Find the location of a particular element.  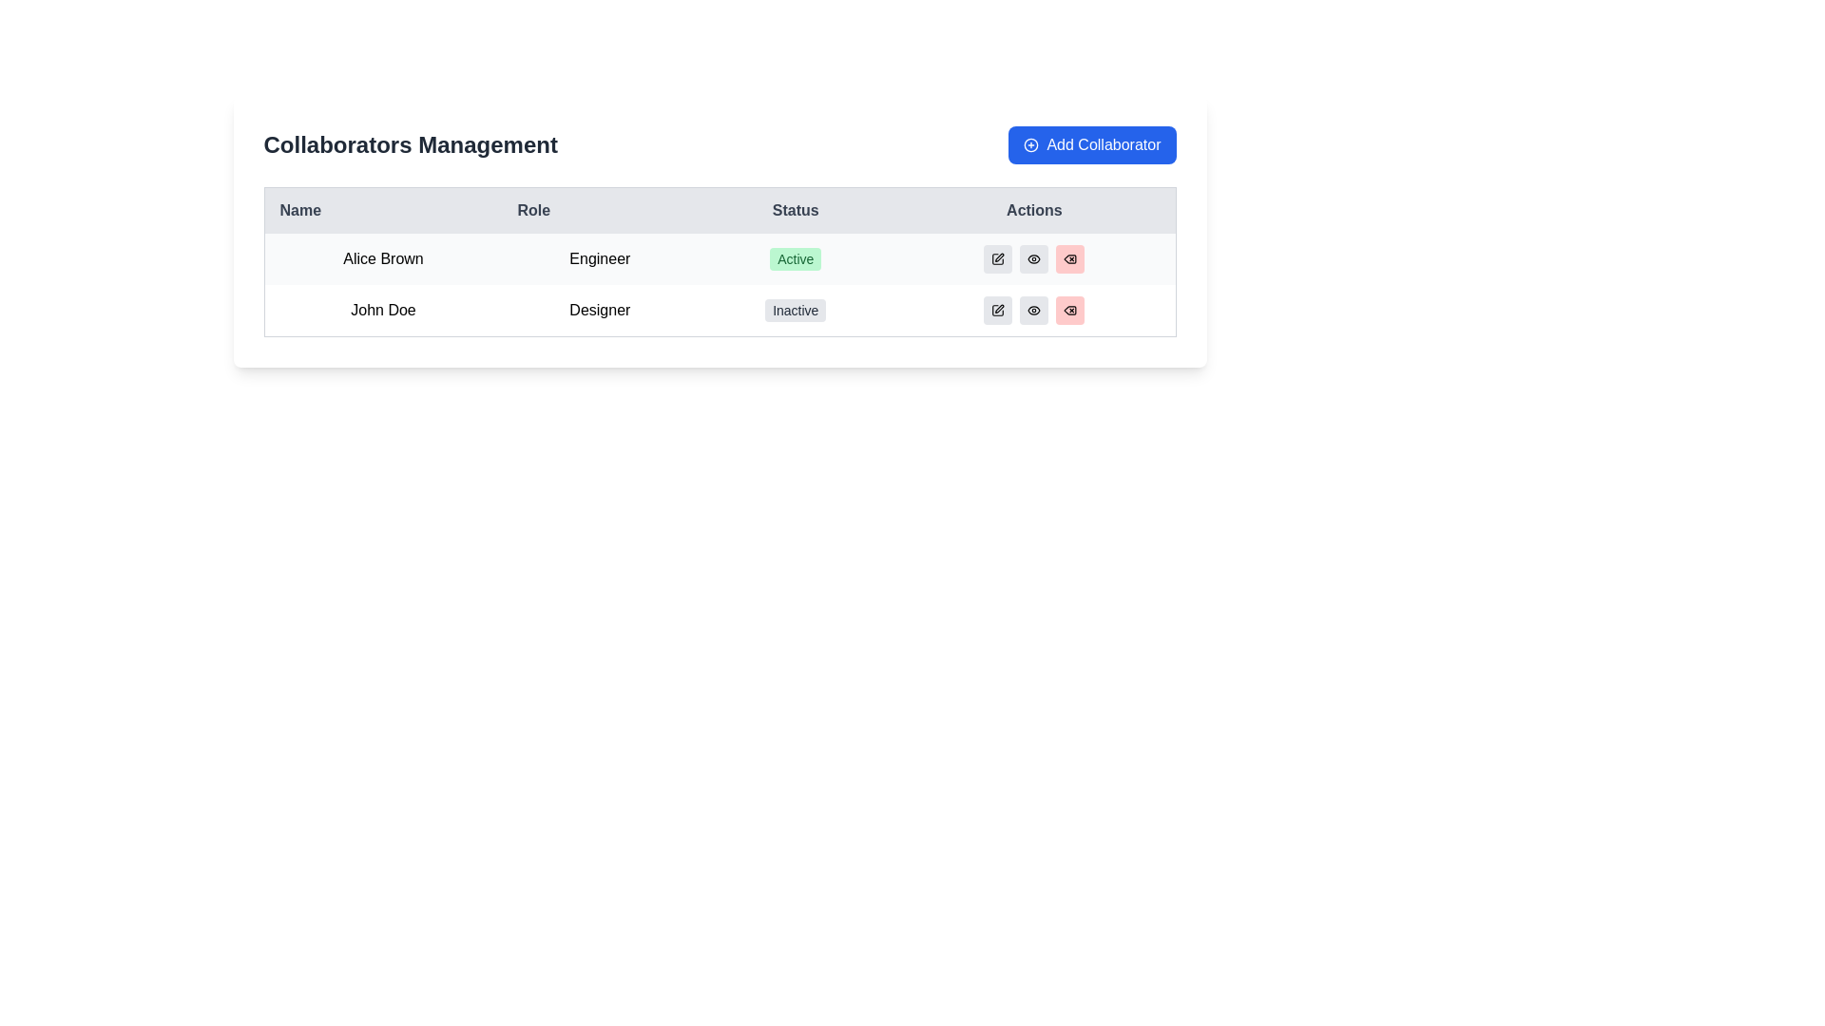

the 'View' button located in the 'Actions' column of the second row in the table to observe a background color change is located at coordinates (1033, 310).